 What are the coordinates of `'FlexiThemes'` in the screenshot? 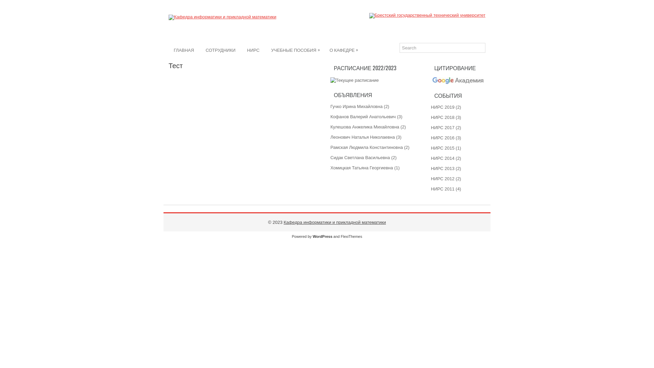 It's located at (351, 236).